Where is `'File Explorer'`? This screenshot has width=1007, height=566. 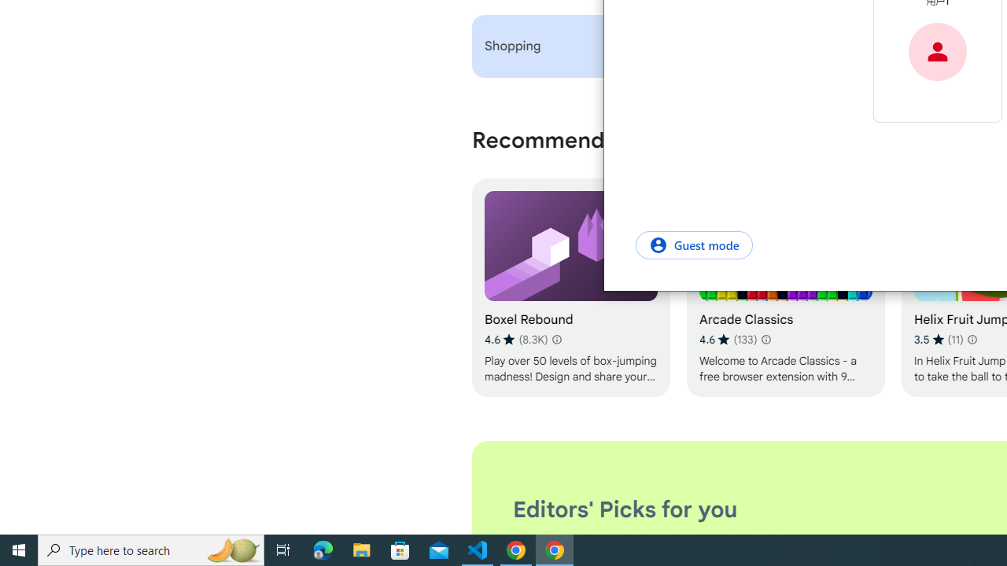
'File Explorer' is located at coordinates (361, 549).